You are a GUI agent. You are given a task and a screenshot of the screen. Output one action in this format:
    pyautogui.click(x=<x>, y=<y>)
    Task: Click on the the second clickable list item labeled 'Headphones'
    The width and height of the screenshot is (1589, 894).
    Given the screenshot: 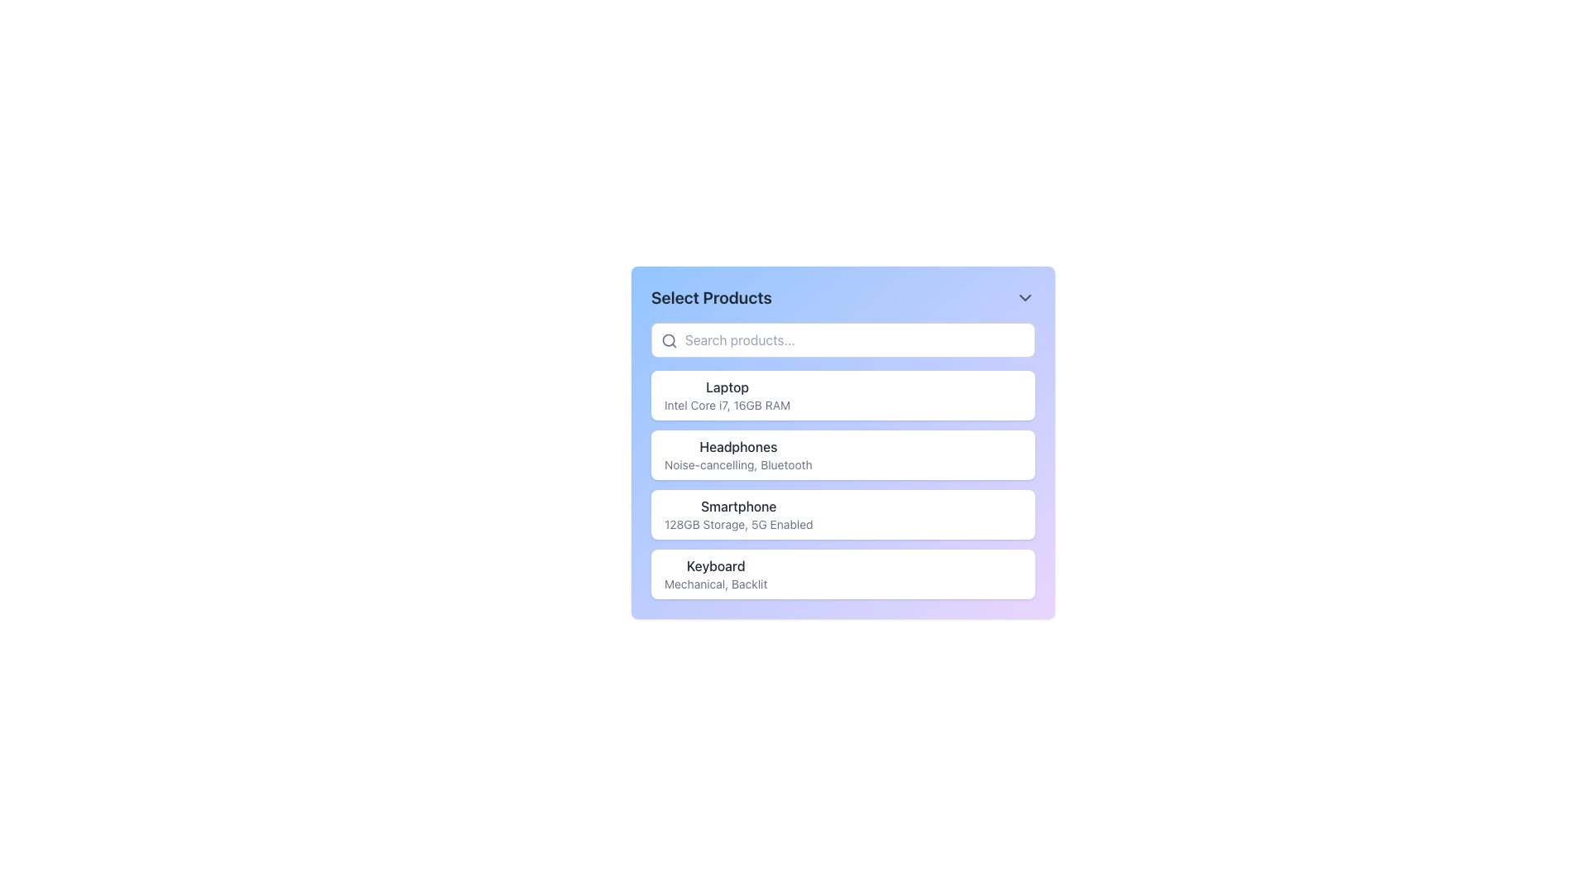 What is the action you would take?
    pyautogui.click(x=843, y=442)
    